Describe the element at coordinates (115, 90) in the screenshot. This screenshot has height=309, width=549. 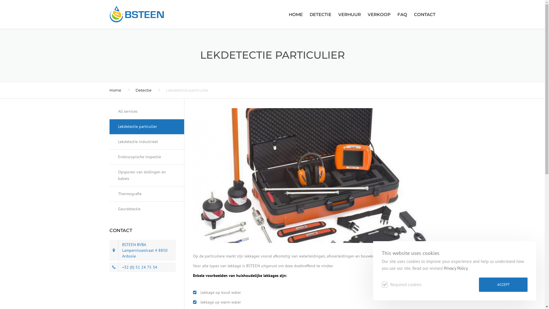
I see `'Home'` at that location.